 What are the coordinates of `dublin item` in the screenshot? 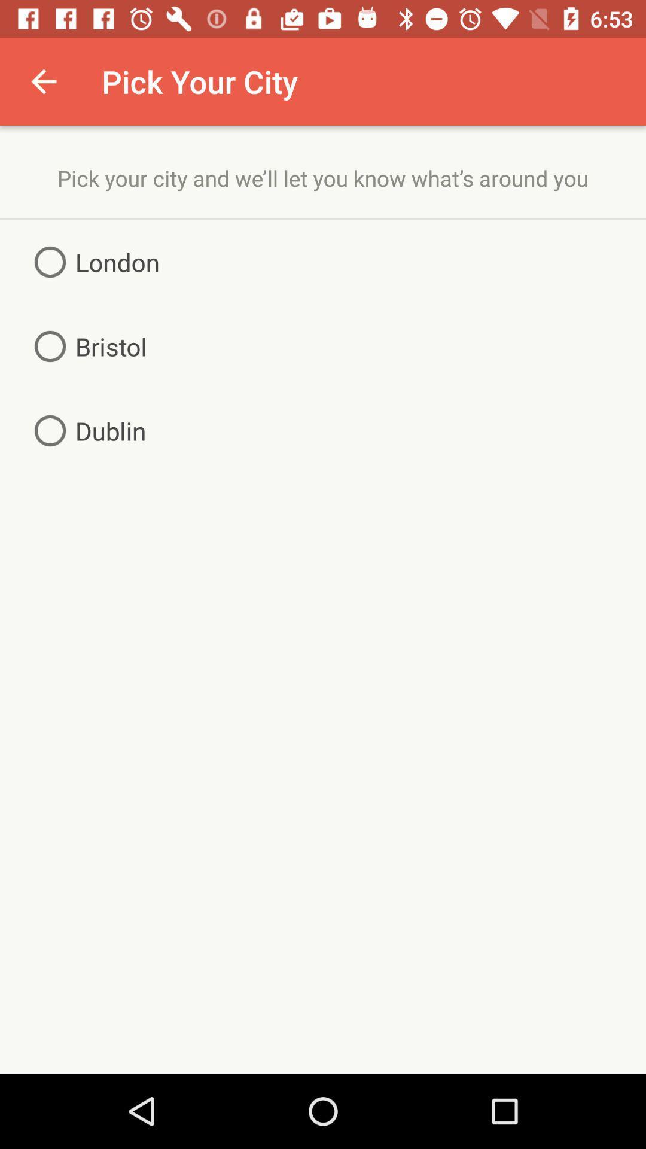 It's located at (85, 431).